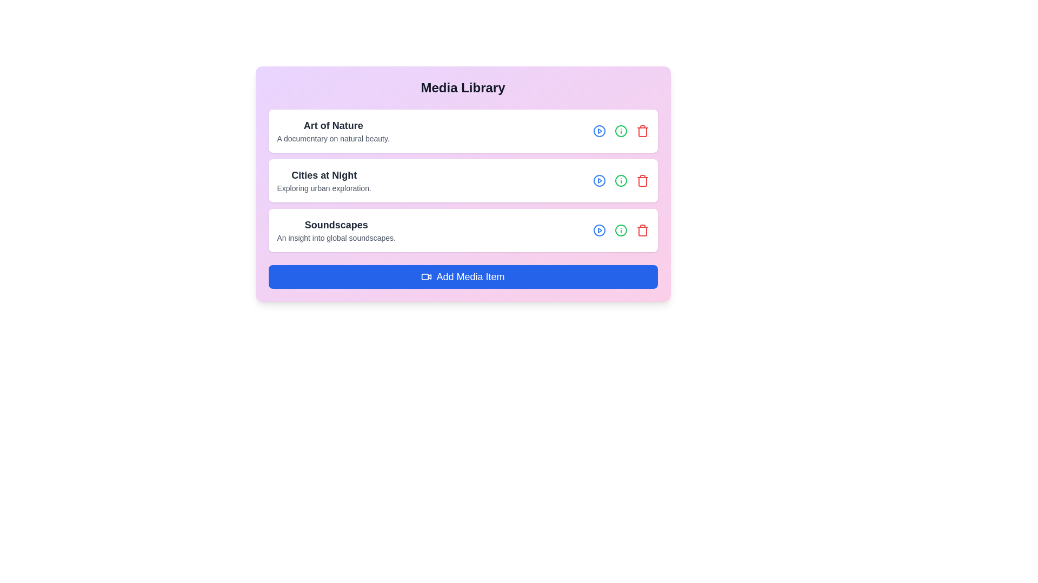  I want to click on information icon for the media item titled Art of Nature, so click(621, 131).